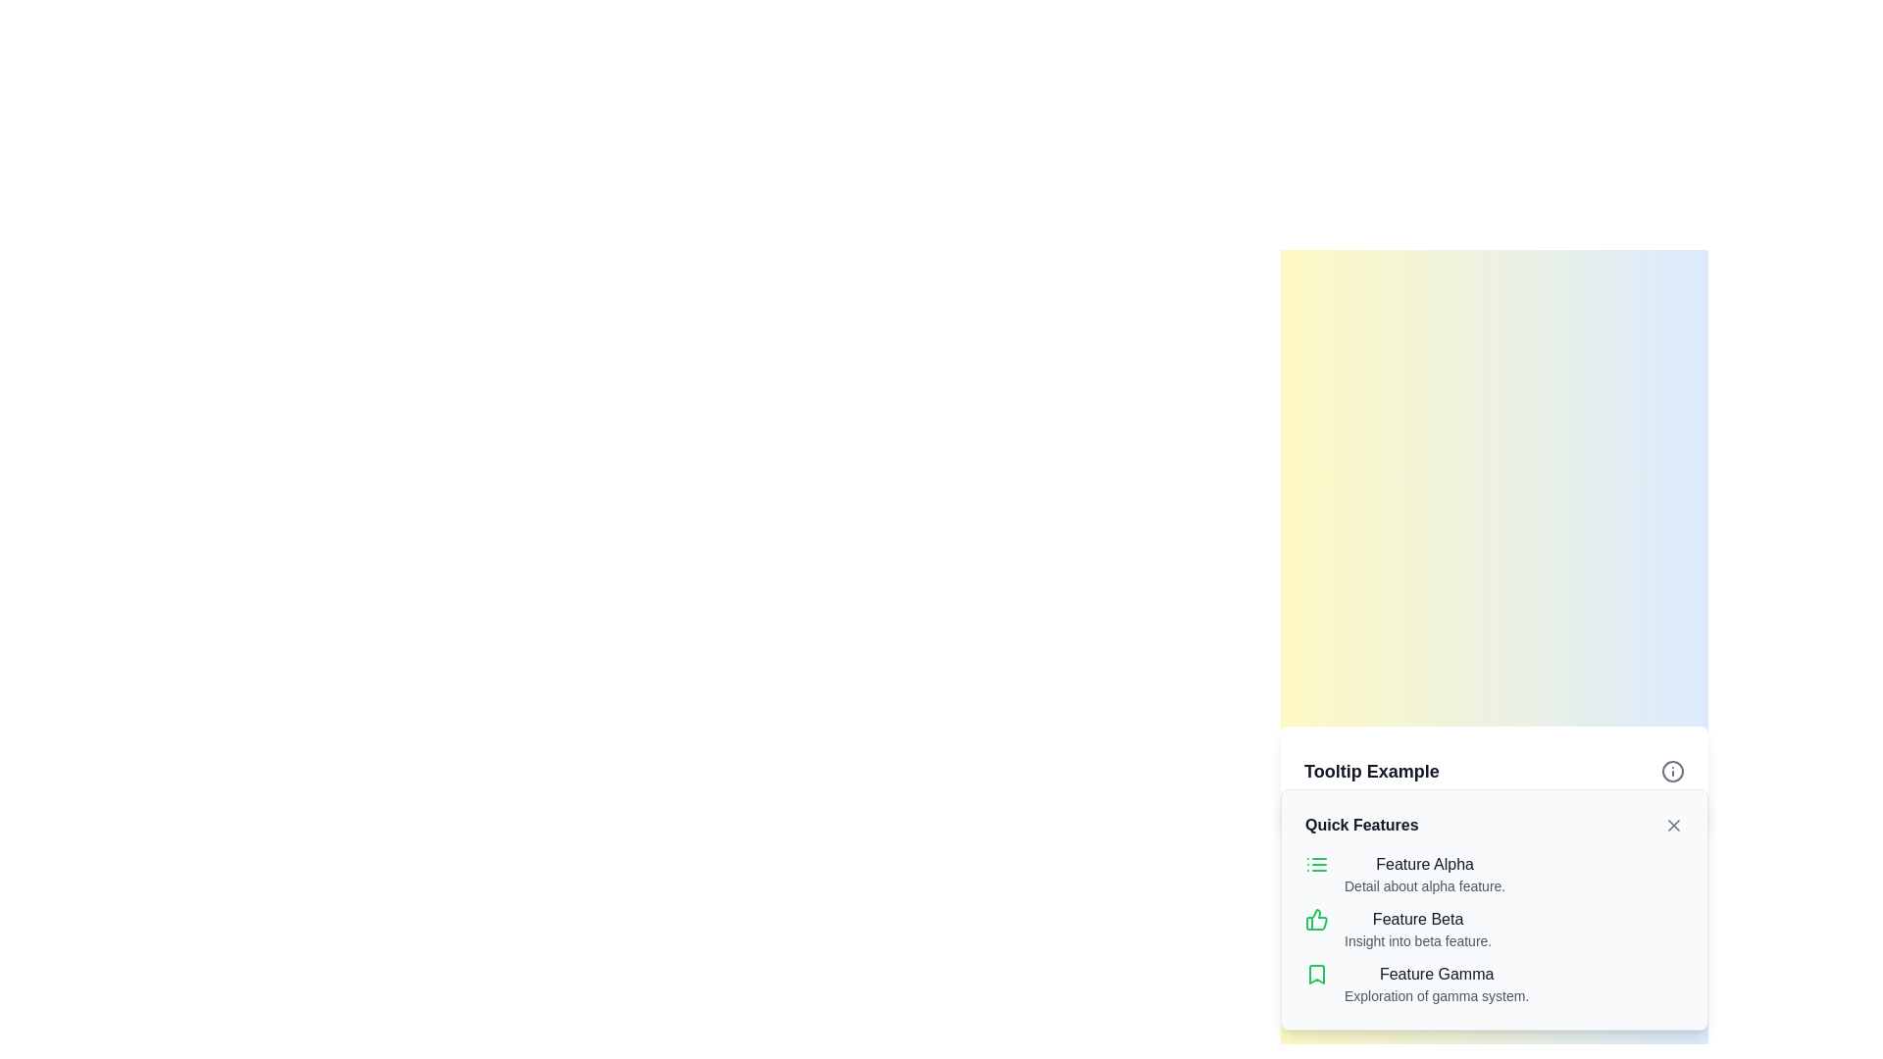  Describe the element at coordinates (1493, 929) in the screenshot. I see `the sub-item labeled 'Feature Beta' within the 'Quick Features' collapsible list using the keyboard for accessibility` at that location.